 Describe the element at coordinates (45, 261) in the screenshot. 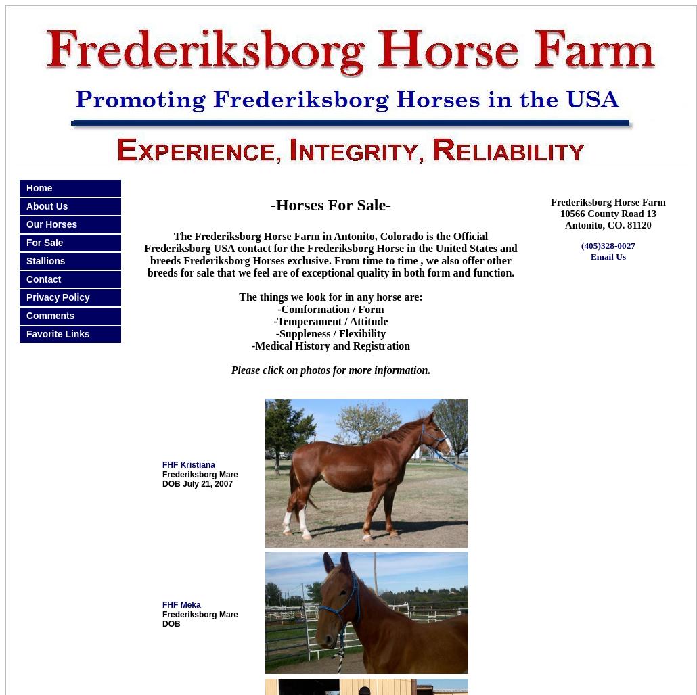

I see `'Stallions'` at that location.